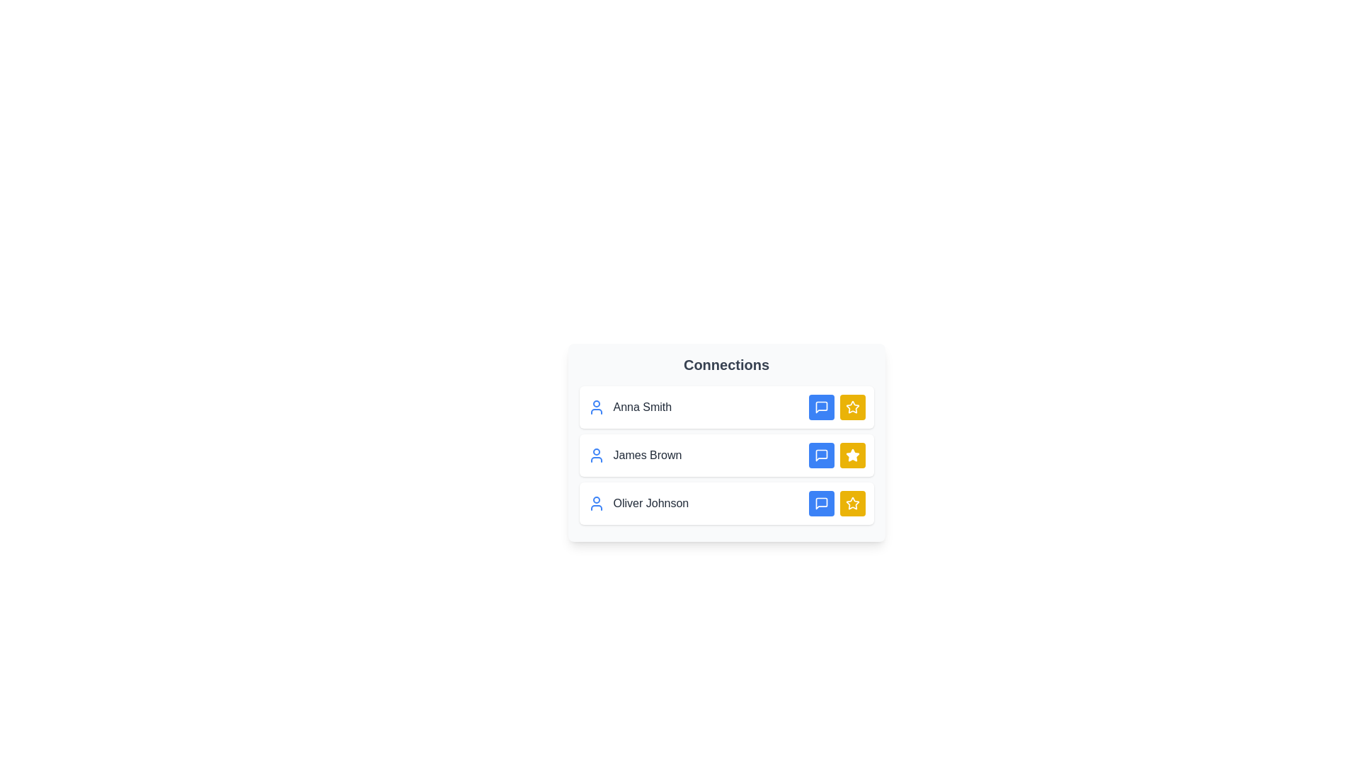 This screenshot has height=764, width=1359. Describe the element at coordinates (821, 456) in the screenshot. I see `message button next to James Brown to initiate a message` at that location.